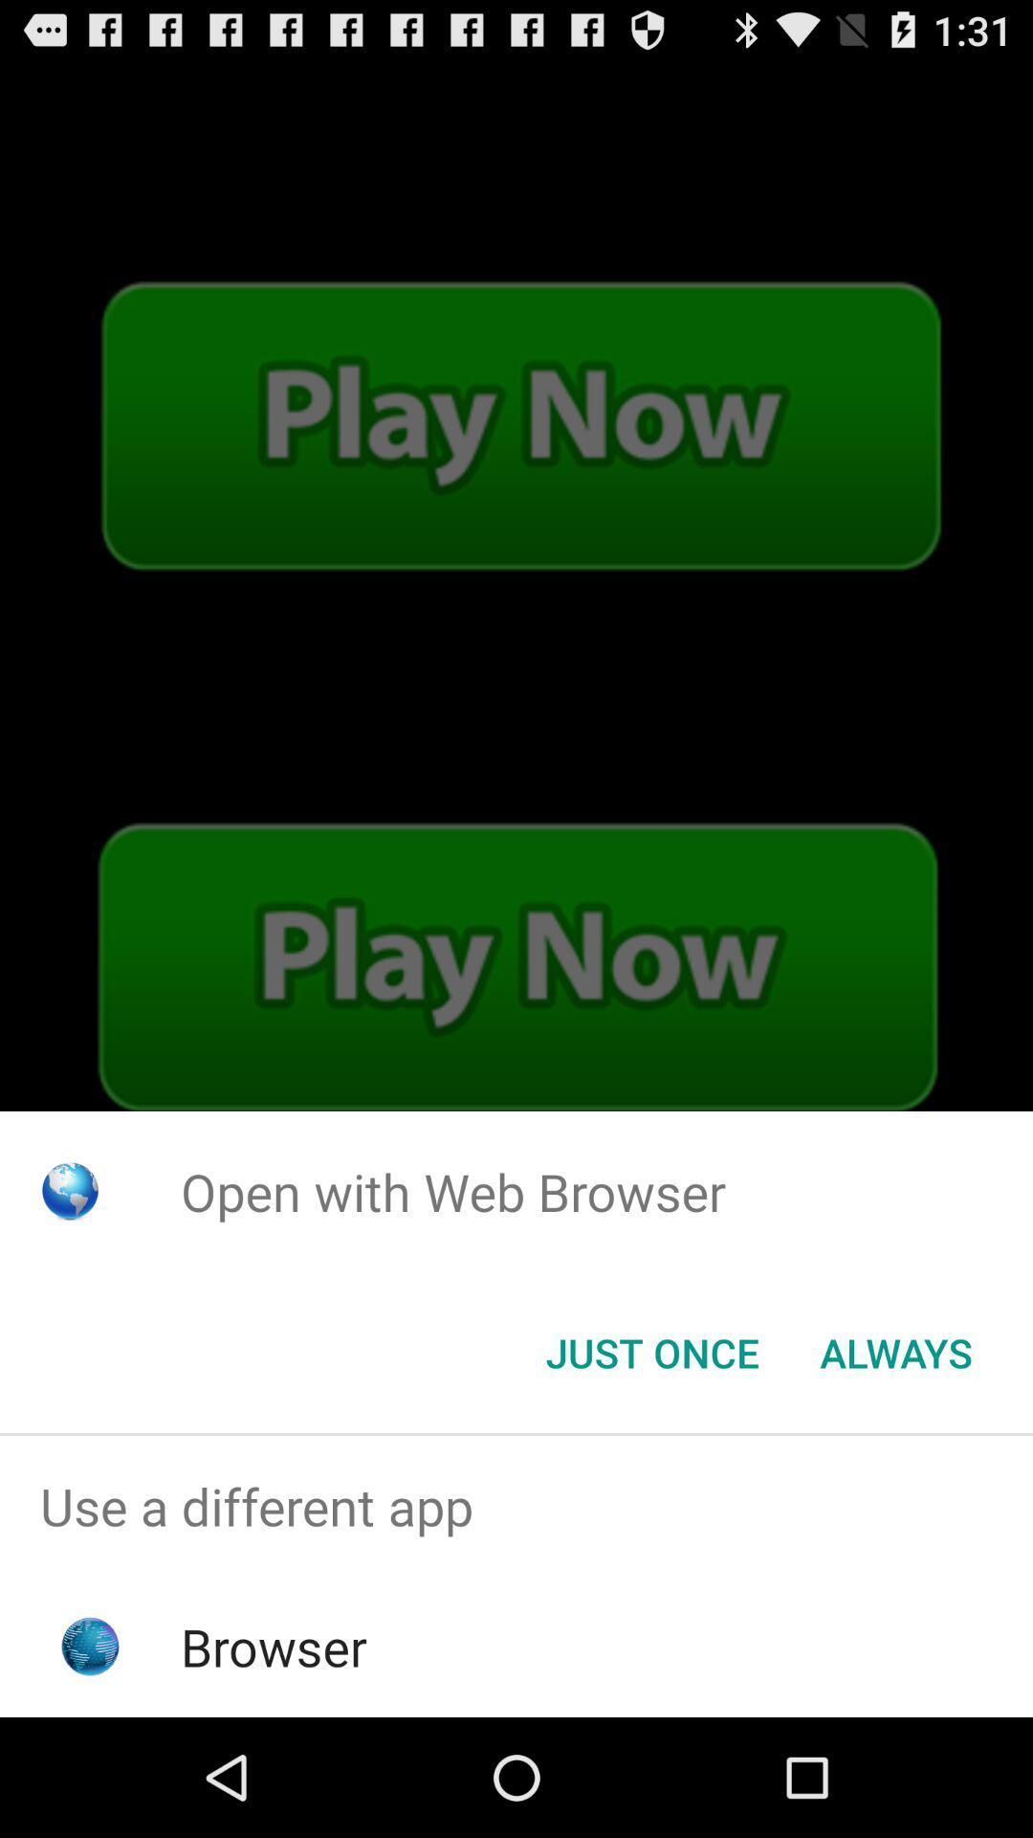  Describe the element at coordinates (896, 1351) in the screenshot. I see `the always button` at that location.